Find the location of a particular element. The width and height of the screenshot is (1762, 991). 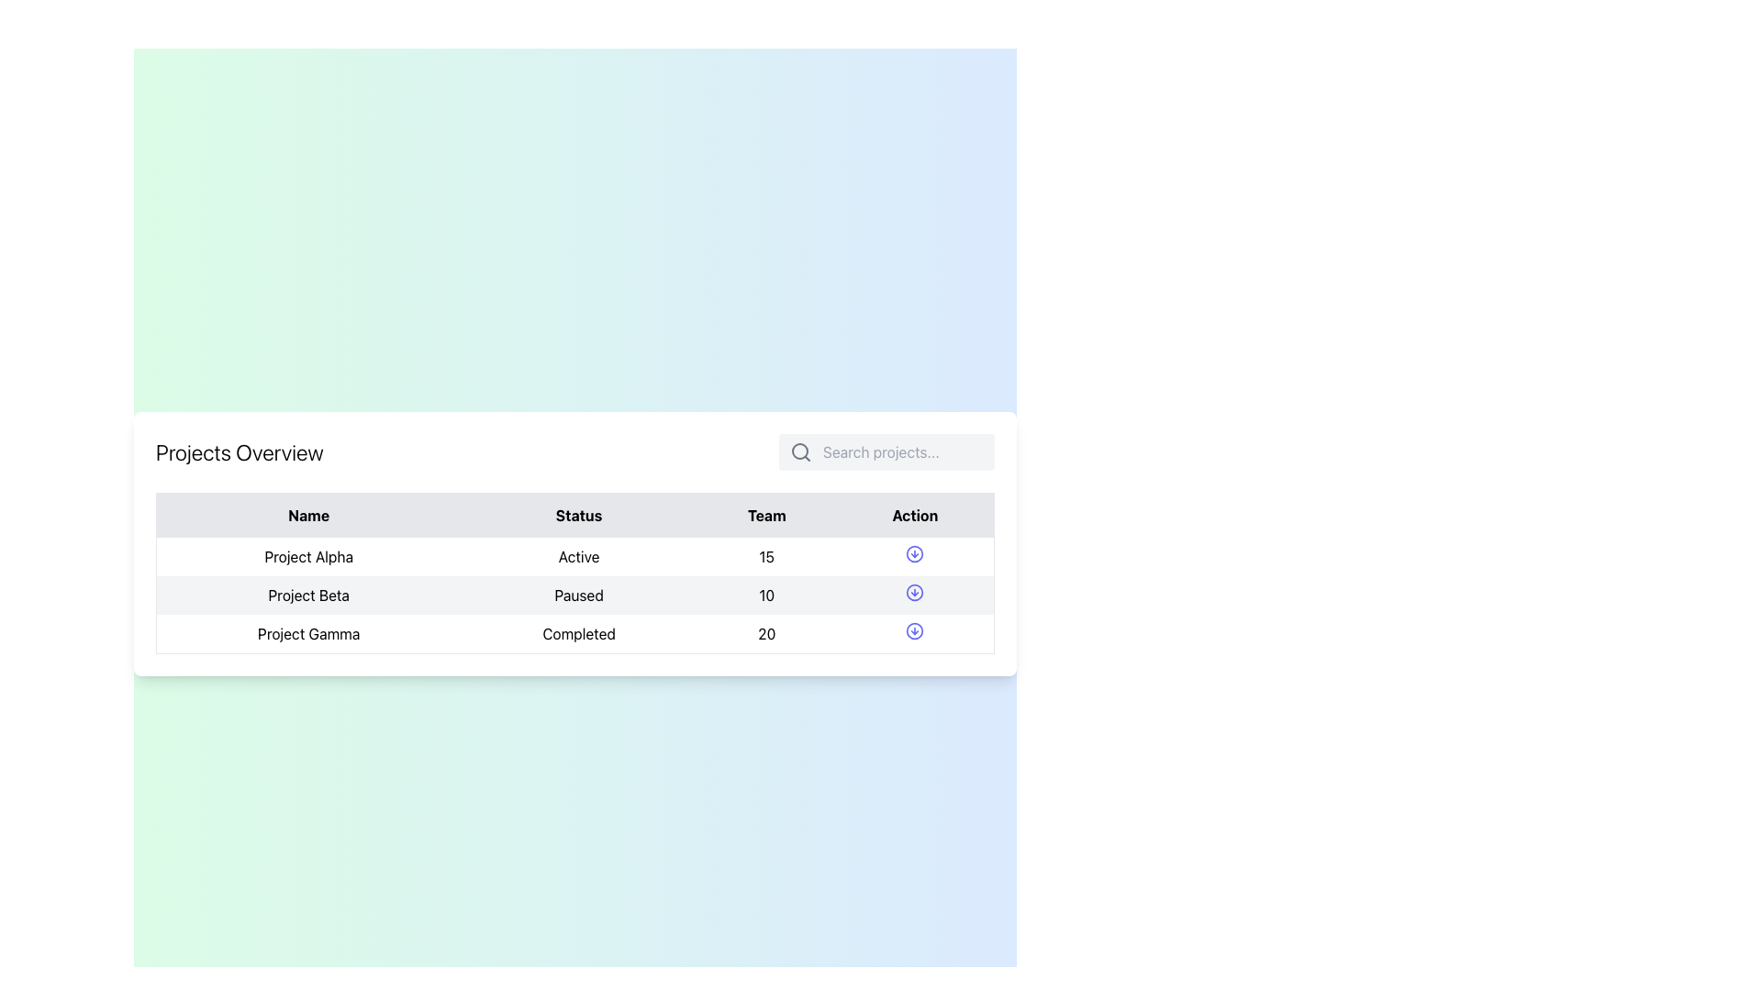

the gray magnifying glass icon representing the search function, located at the leftmost side of the search section is located at coordinates (801, 452).